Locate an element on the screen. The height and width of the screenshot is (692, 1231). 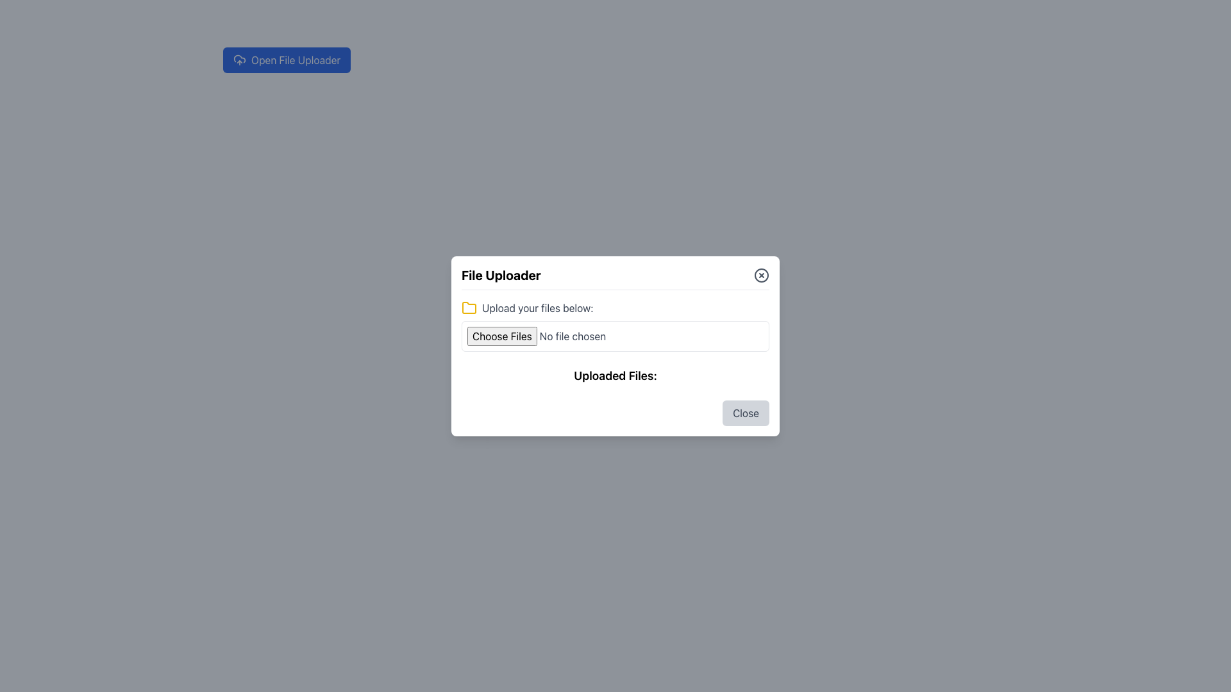
a file onto the File Input Field located below the text 'Upload your files below:' is located at coordinates (615, 335).